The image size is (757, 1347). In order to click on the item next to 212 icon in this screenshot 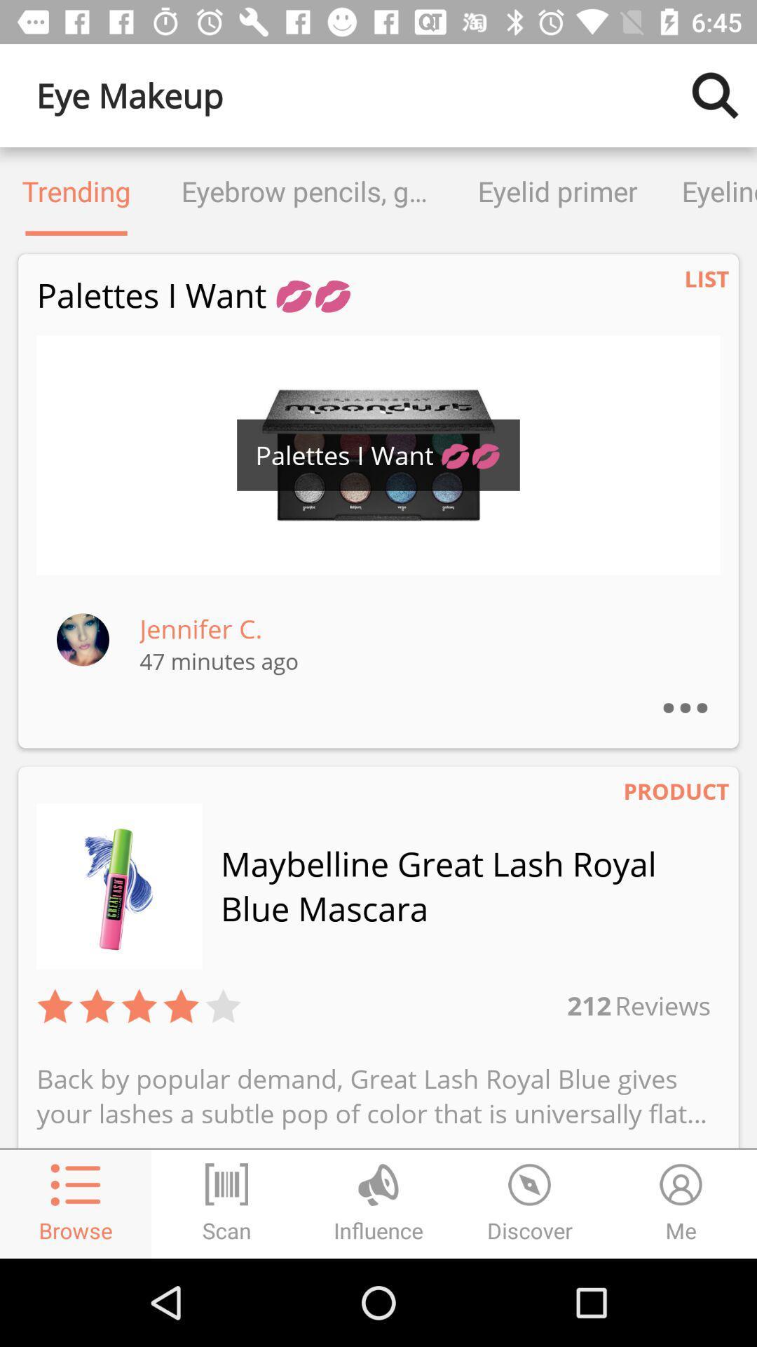, I will do `click(661, 1005)`.